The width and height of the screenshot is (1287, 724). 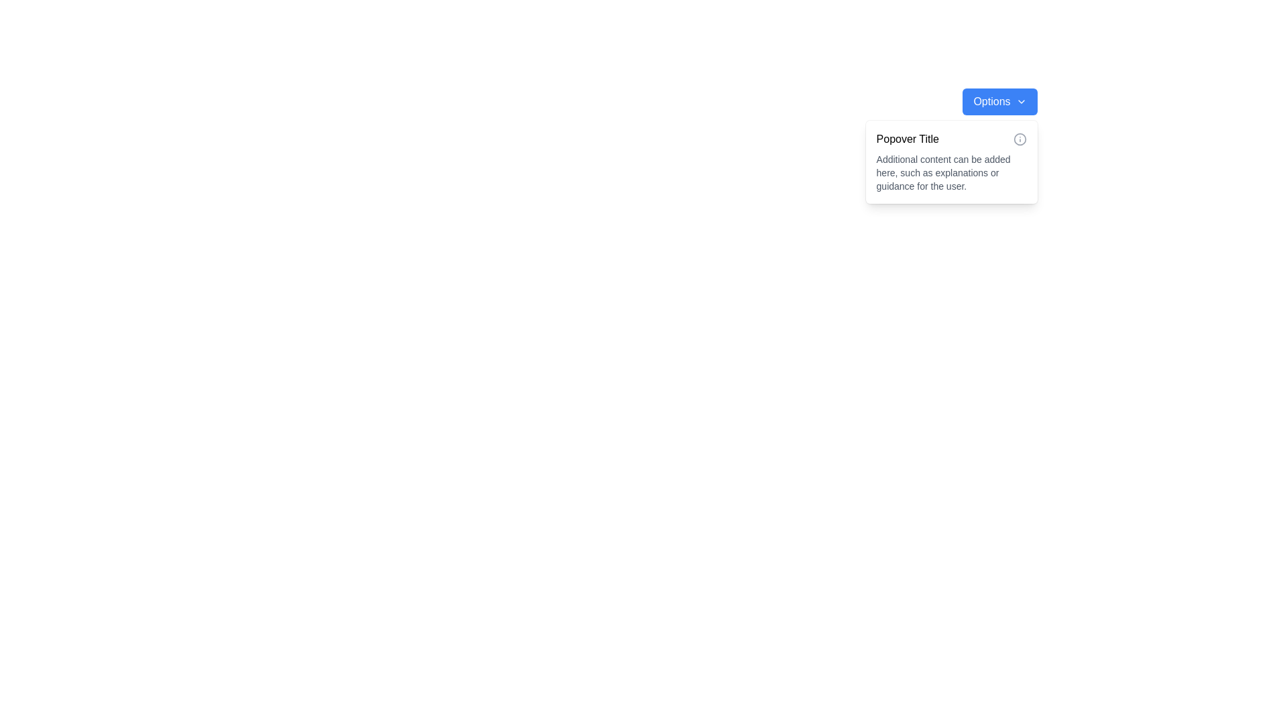 What do you see at coordinates (951, 172) in the screenshot?
I see `the explanatory Text Block located below the title 'Popover Title' within the popover dialog` at bounding box center [951, 172].